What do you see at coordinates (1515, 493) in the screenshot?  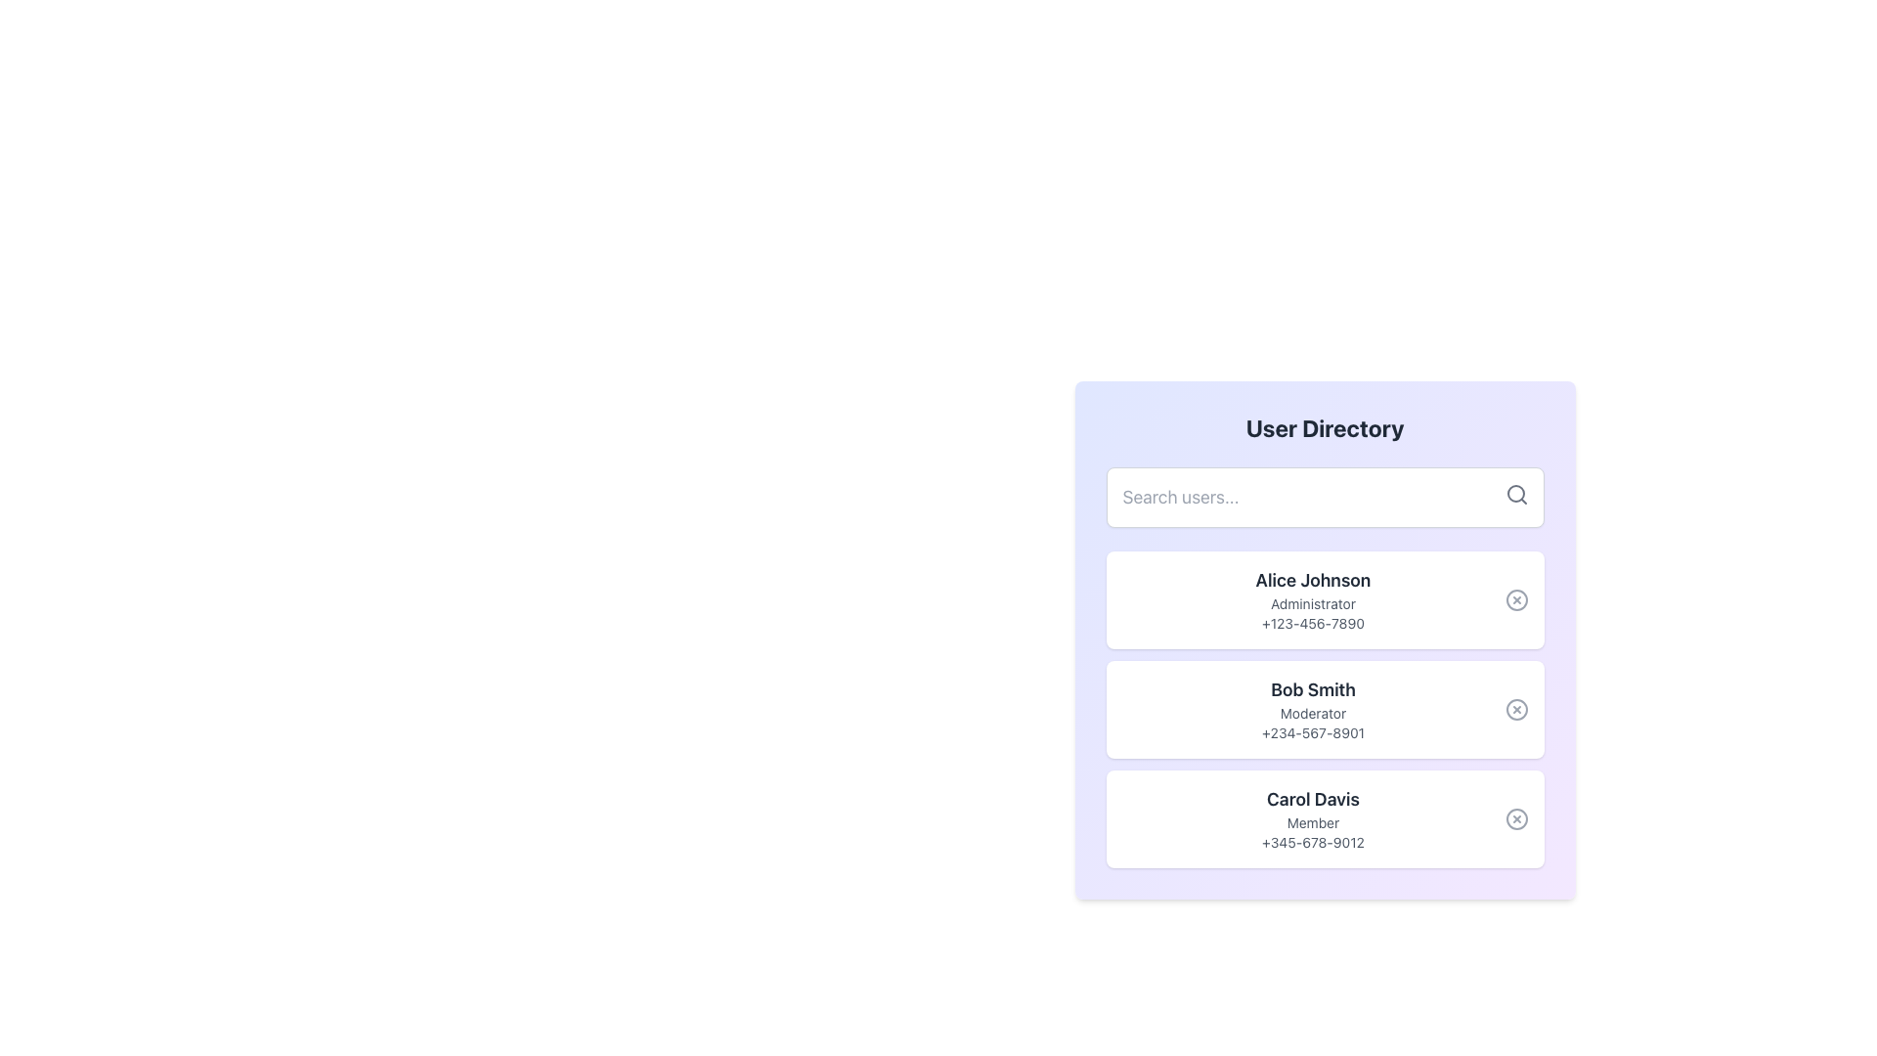 I see `the magnifying glass icon inside the 'User Directory' search bar labeled 'Search users...'` at bounding box center [1515, 493].